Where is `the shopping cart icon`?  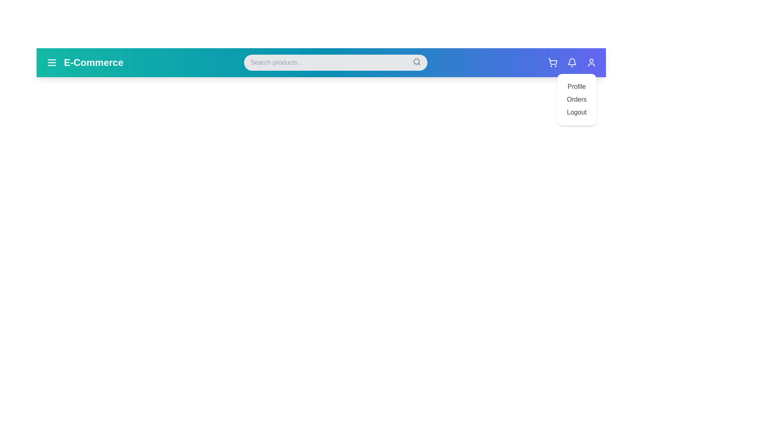 the shopping cart icon is located at coordinates (552, 62).